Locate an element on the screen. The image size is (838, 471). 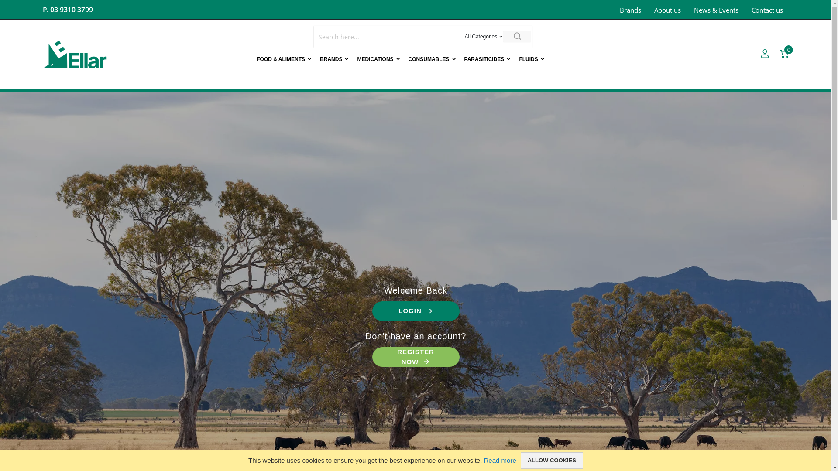
'LOGIN' is located at coordinates (415, 311).